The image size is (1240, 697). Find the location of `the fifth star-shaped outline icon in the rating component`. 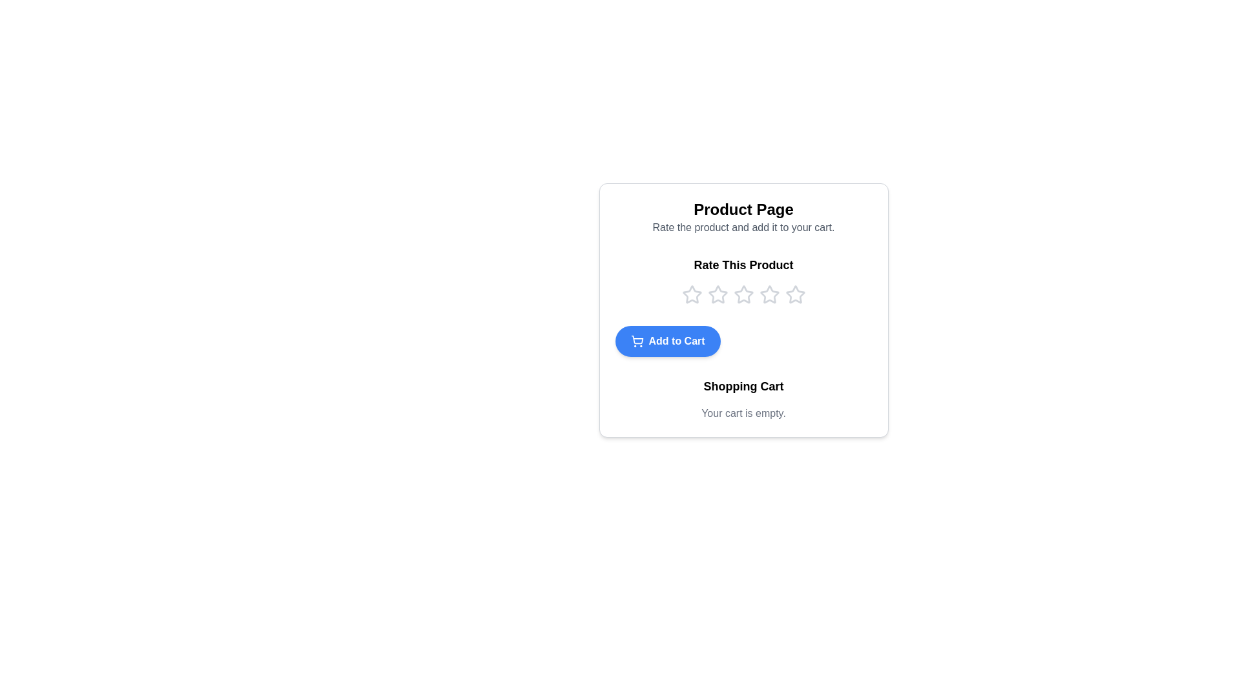

the fifth star-shaped outline icon in the rating component is located at coordinates (794, 294).